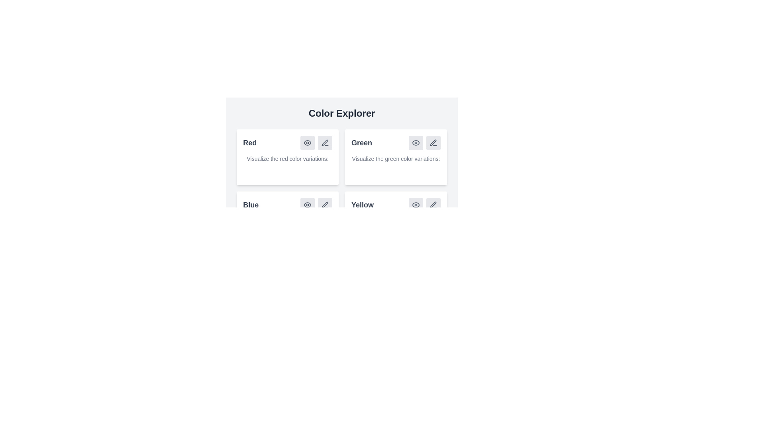 The image size is (765, 430). Describe the element at coordinates (316, 142) in the screenshot. I see `the group of interactive buttons containing the eye-shaped preview icon and the pen-shaped edit icon` at that location.